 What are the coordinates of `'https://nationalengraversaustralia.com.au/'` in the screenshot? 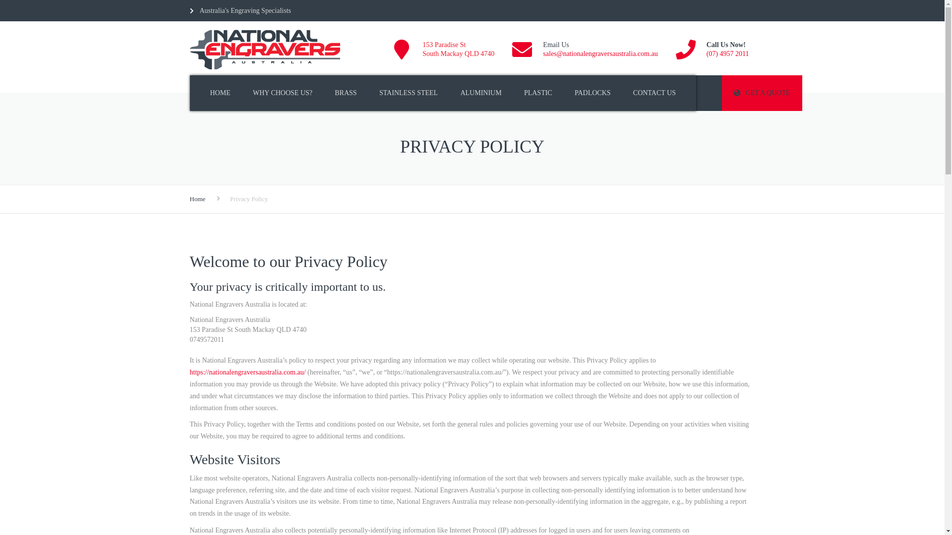 It's located at (247, 372).